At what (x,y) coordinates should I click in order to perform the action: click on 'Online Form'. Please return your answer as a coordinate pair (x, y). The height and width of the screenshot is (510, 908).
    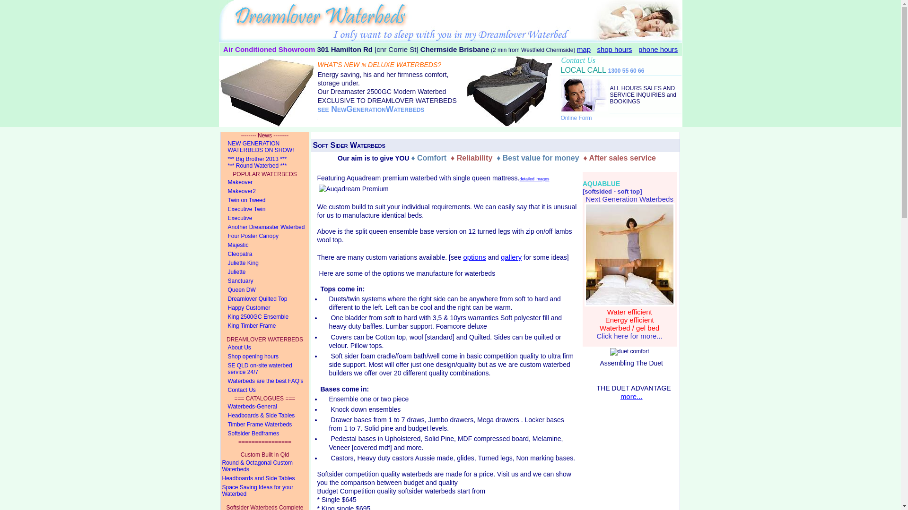
    Looking at the image, I should click on (576, 118).